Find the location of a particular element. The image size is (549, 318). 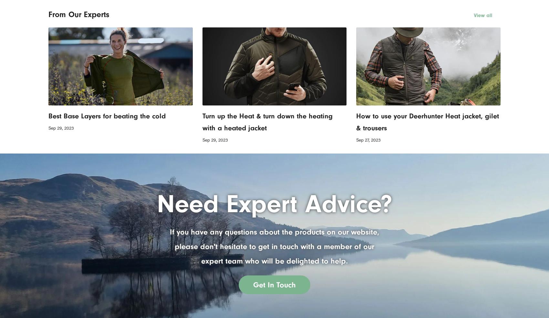

'Get In Touch' is located at coordinates (253, 284).